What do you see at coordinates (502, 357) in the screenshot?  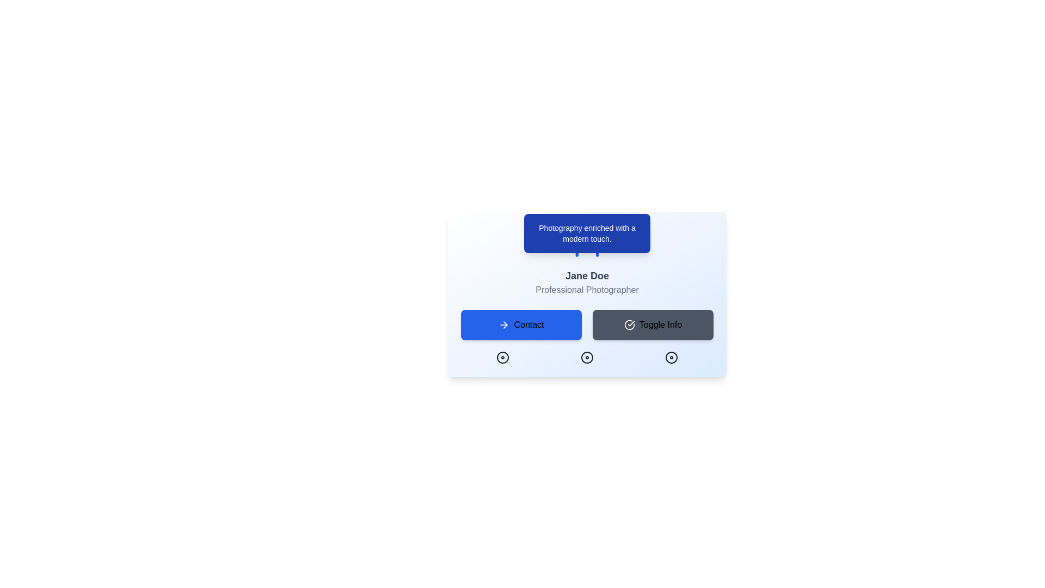 I see `the first circular icon resembling a disc, which is positioned at the far left of three similar icons at the bottom of the card-like section` at bounding box center [502, 357].